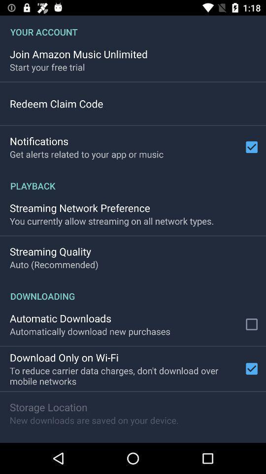 This screenshot has height=474, width=266. I want to click on item above the notifications, so click(56, 104).